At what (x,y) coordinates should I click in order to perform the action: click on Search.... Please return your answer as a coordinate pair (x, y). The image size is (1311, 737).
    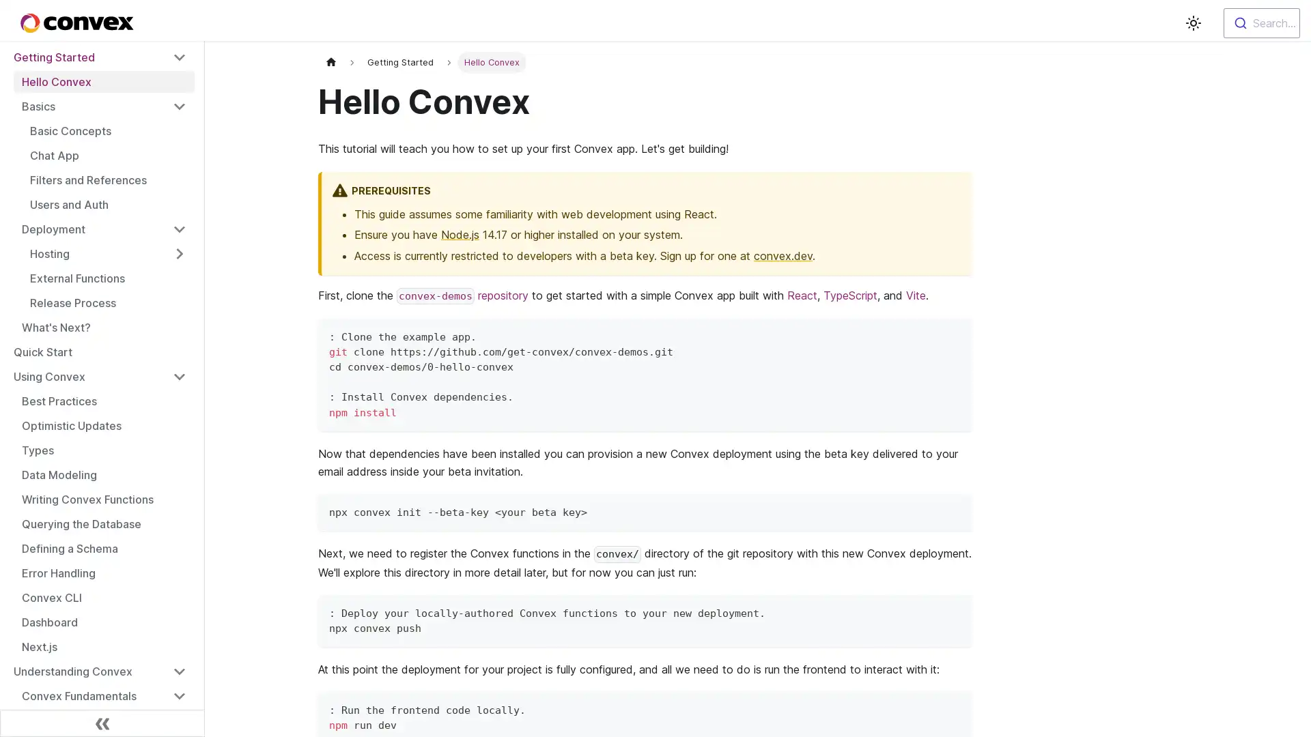
    Looking at the image, I should click on (1261, 23).